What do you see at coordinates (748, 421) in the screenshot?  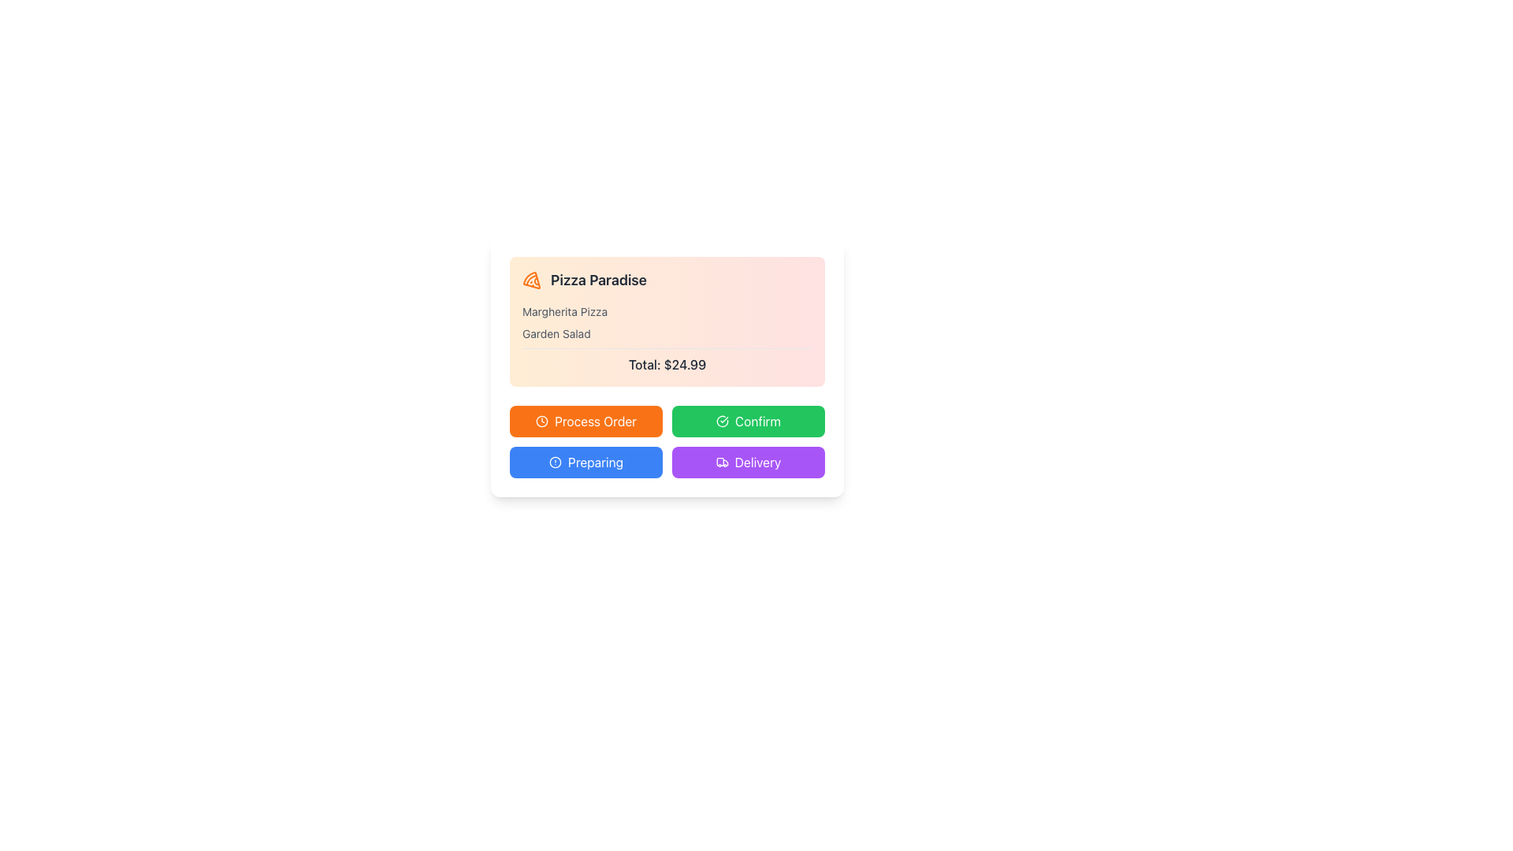 I see `the 'Confirm' button, which is a rectangular button with a green background and a white checkmark icon followed by the text 'Confirm'` at bounding box center [748, 421].